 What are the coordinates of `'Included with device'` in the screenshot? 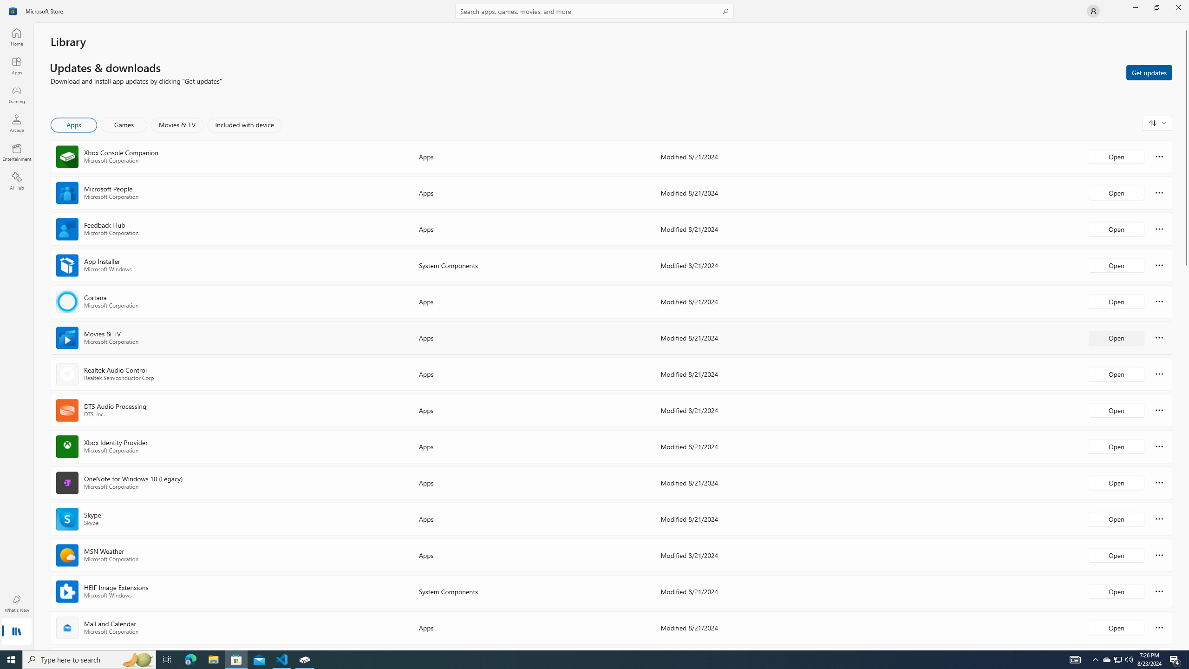 It's located at (244, 125).